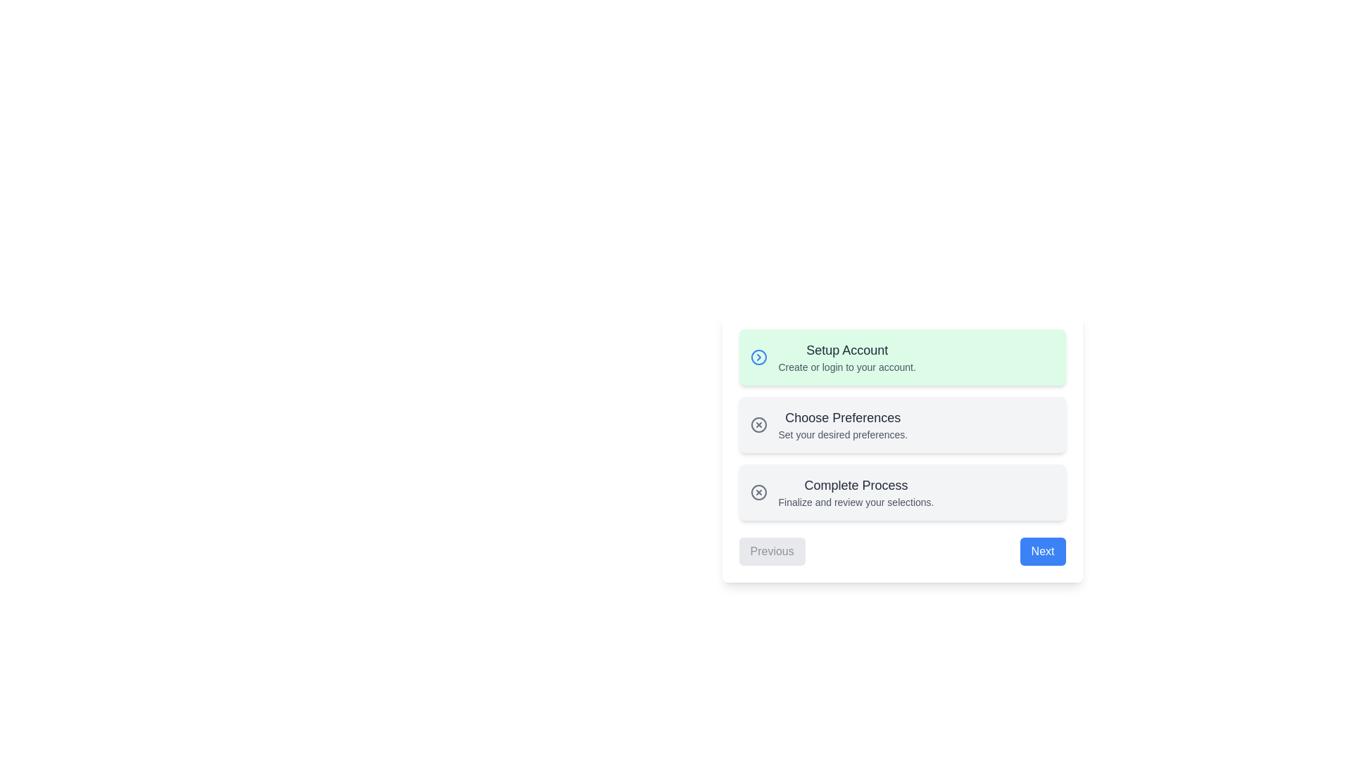  Describe the element at coordinates (758, 491) in the screenshot. I see `the graphical icon consisting of a circle with an 'X' in its center, which is located at the top-left of the 'Complete Process' card layout` at that location.